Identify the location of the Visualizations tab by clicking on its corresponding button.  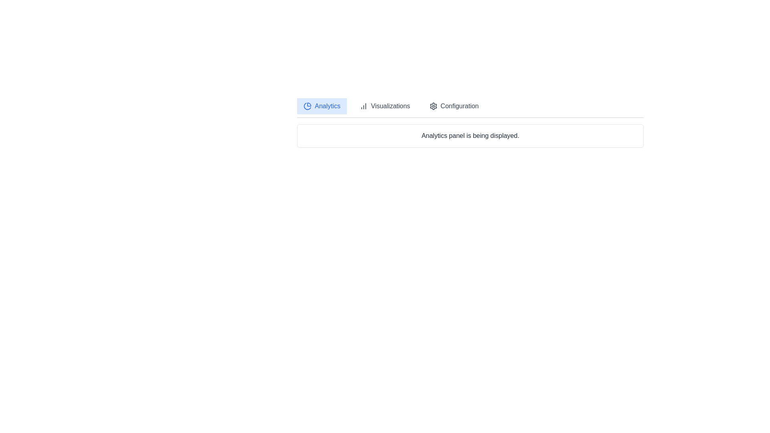
(385, 106).